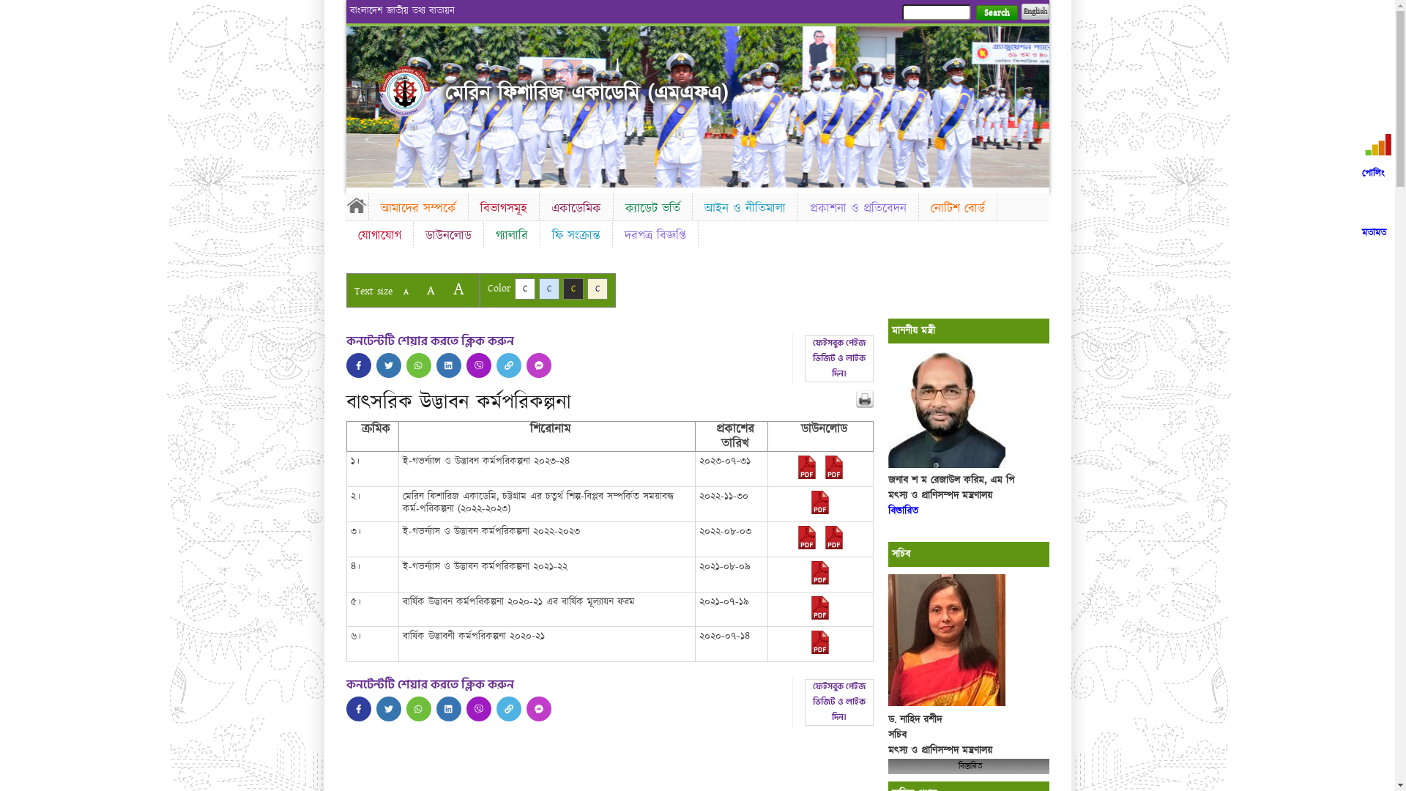 The width and height of the screenshot is (1406, 791). Describe the element at coordinates (429, 290) in the screenshot. I see `'A'` at that location.